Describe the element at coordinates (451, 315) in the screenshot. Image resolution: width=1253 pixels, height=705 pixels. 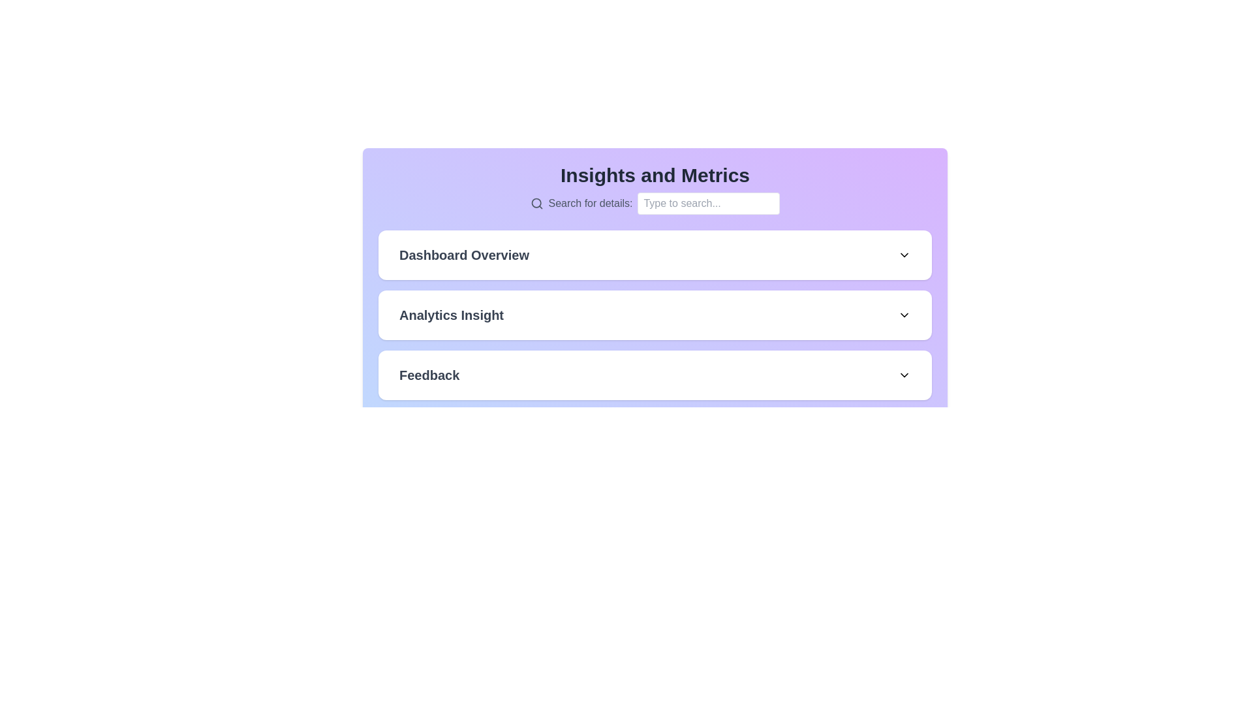
I see `the 'Analytics Insight' text label element` at that location.